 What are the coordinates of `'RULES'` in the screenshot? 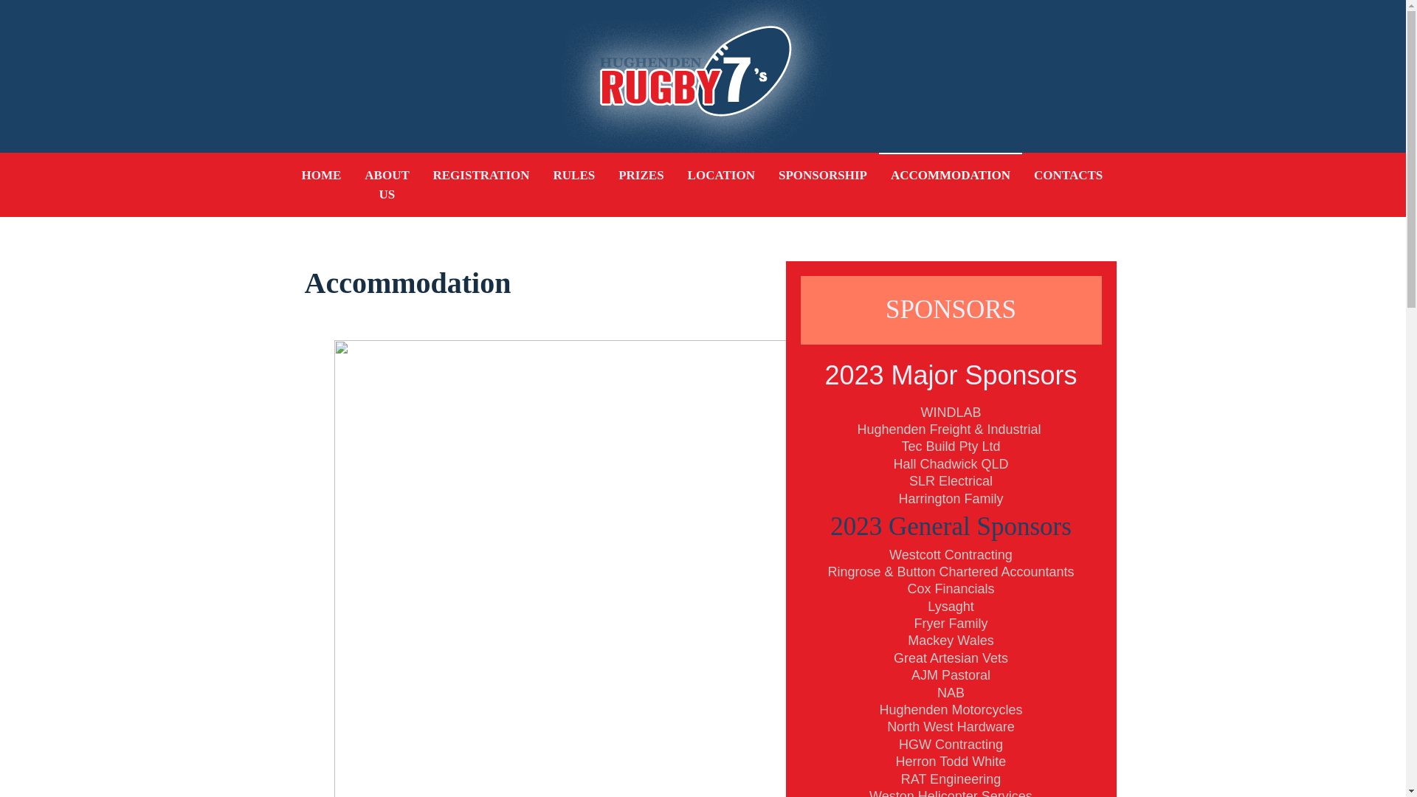 It's located at (573, 175).